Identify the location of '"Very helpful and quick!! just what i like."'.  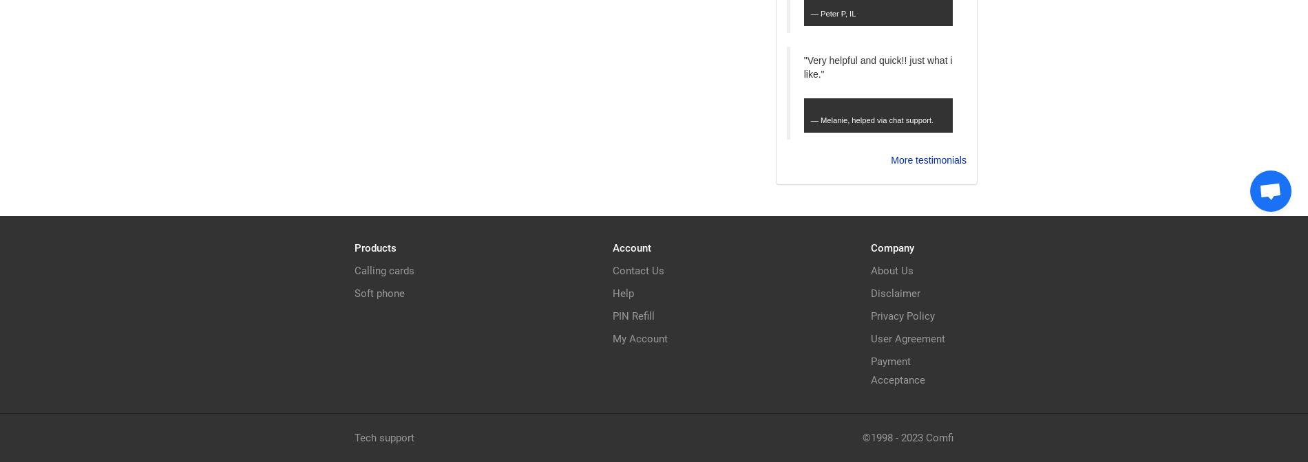
(803, 66).